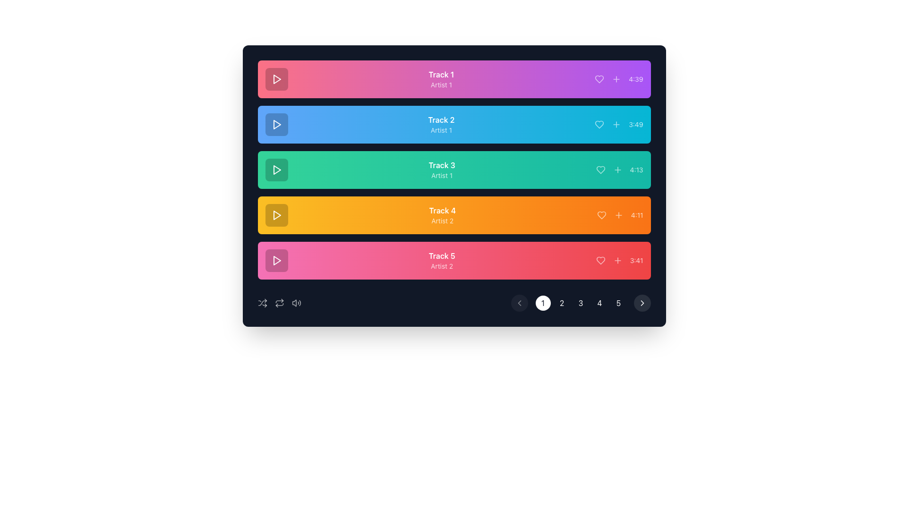  What do you see at coordinates (562, 303) in the screenshot?
I see `the circular button labeled '2'` at bounding box center [562, 303].